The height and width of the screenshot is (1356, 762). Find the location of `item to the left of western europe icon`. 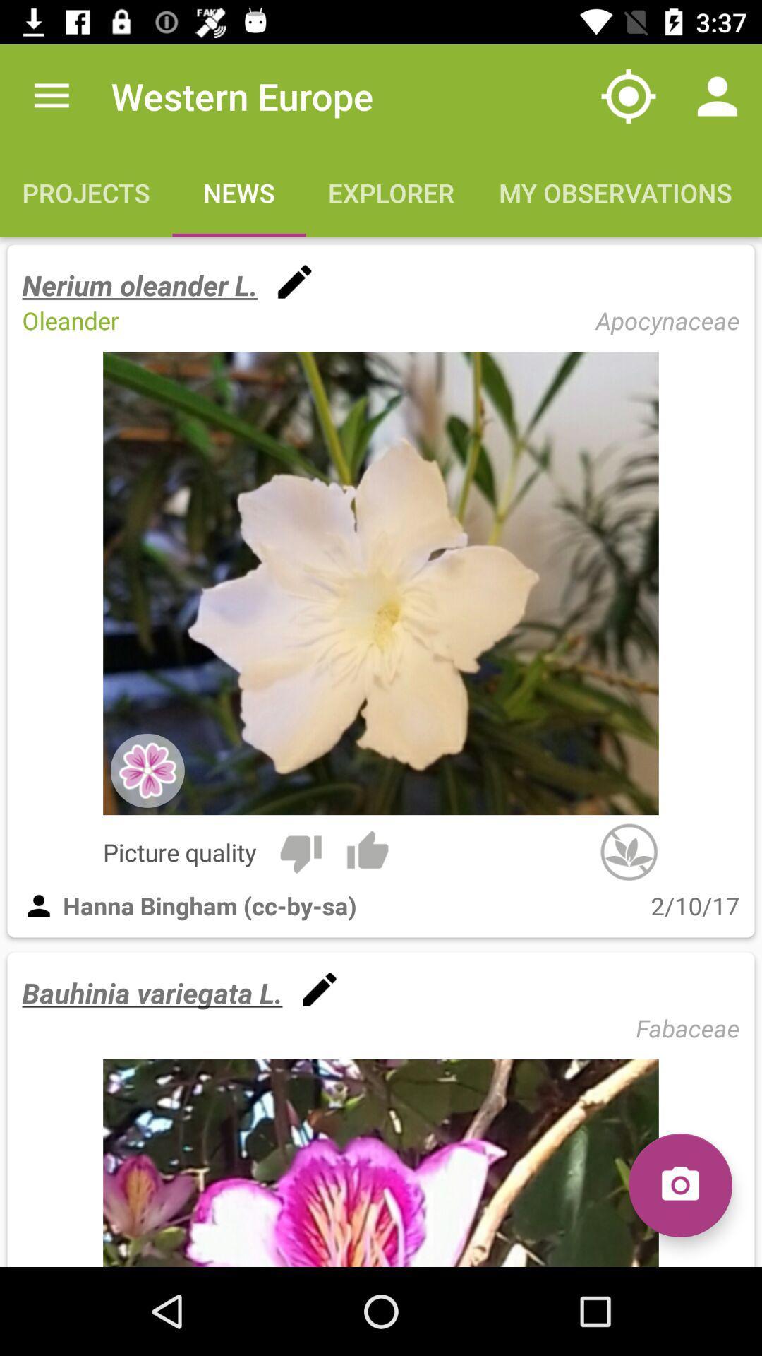

item to the left of western europe icon is located at coordinates (51, 95).